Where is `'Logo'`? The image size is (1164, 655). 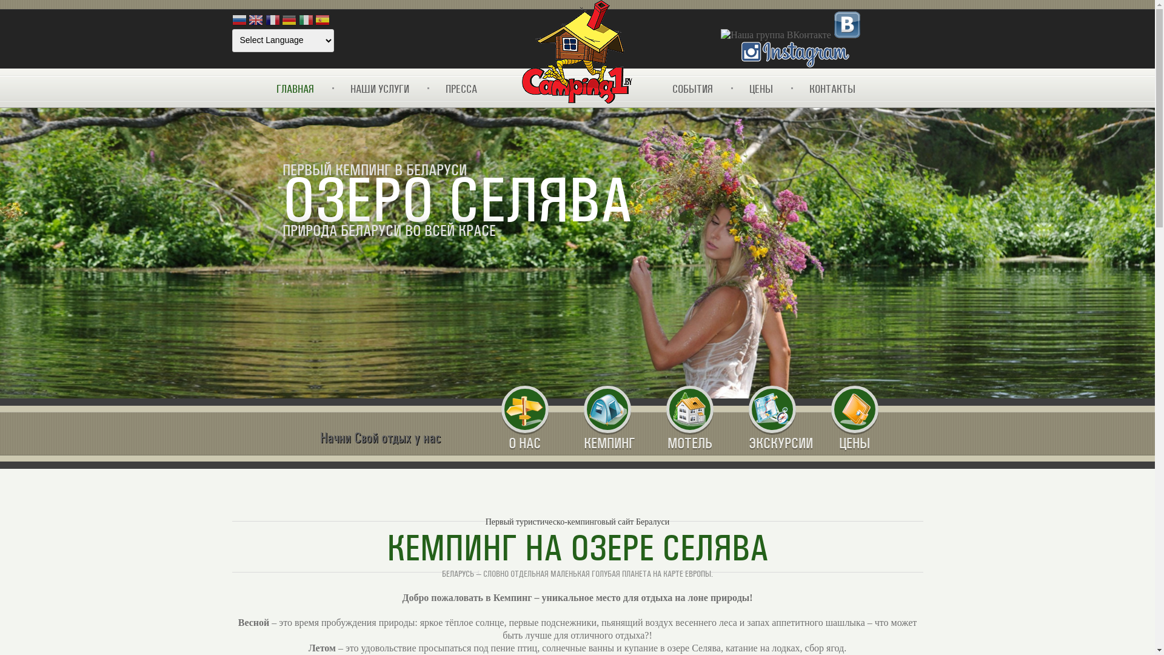
'Logo' is located at coordinates (576, 52).